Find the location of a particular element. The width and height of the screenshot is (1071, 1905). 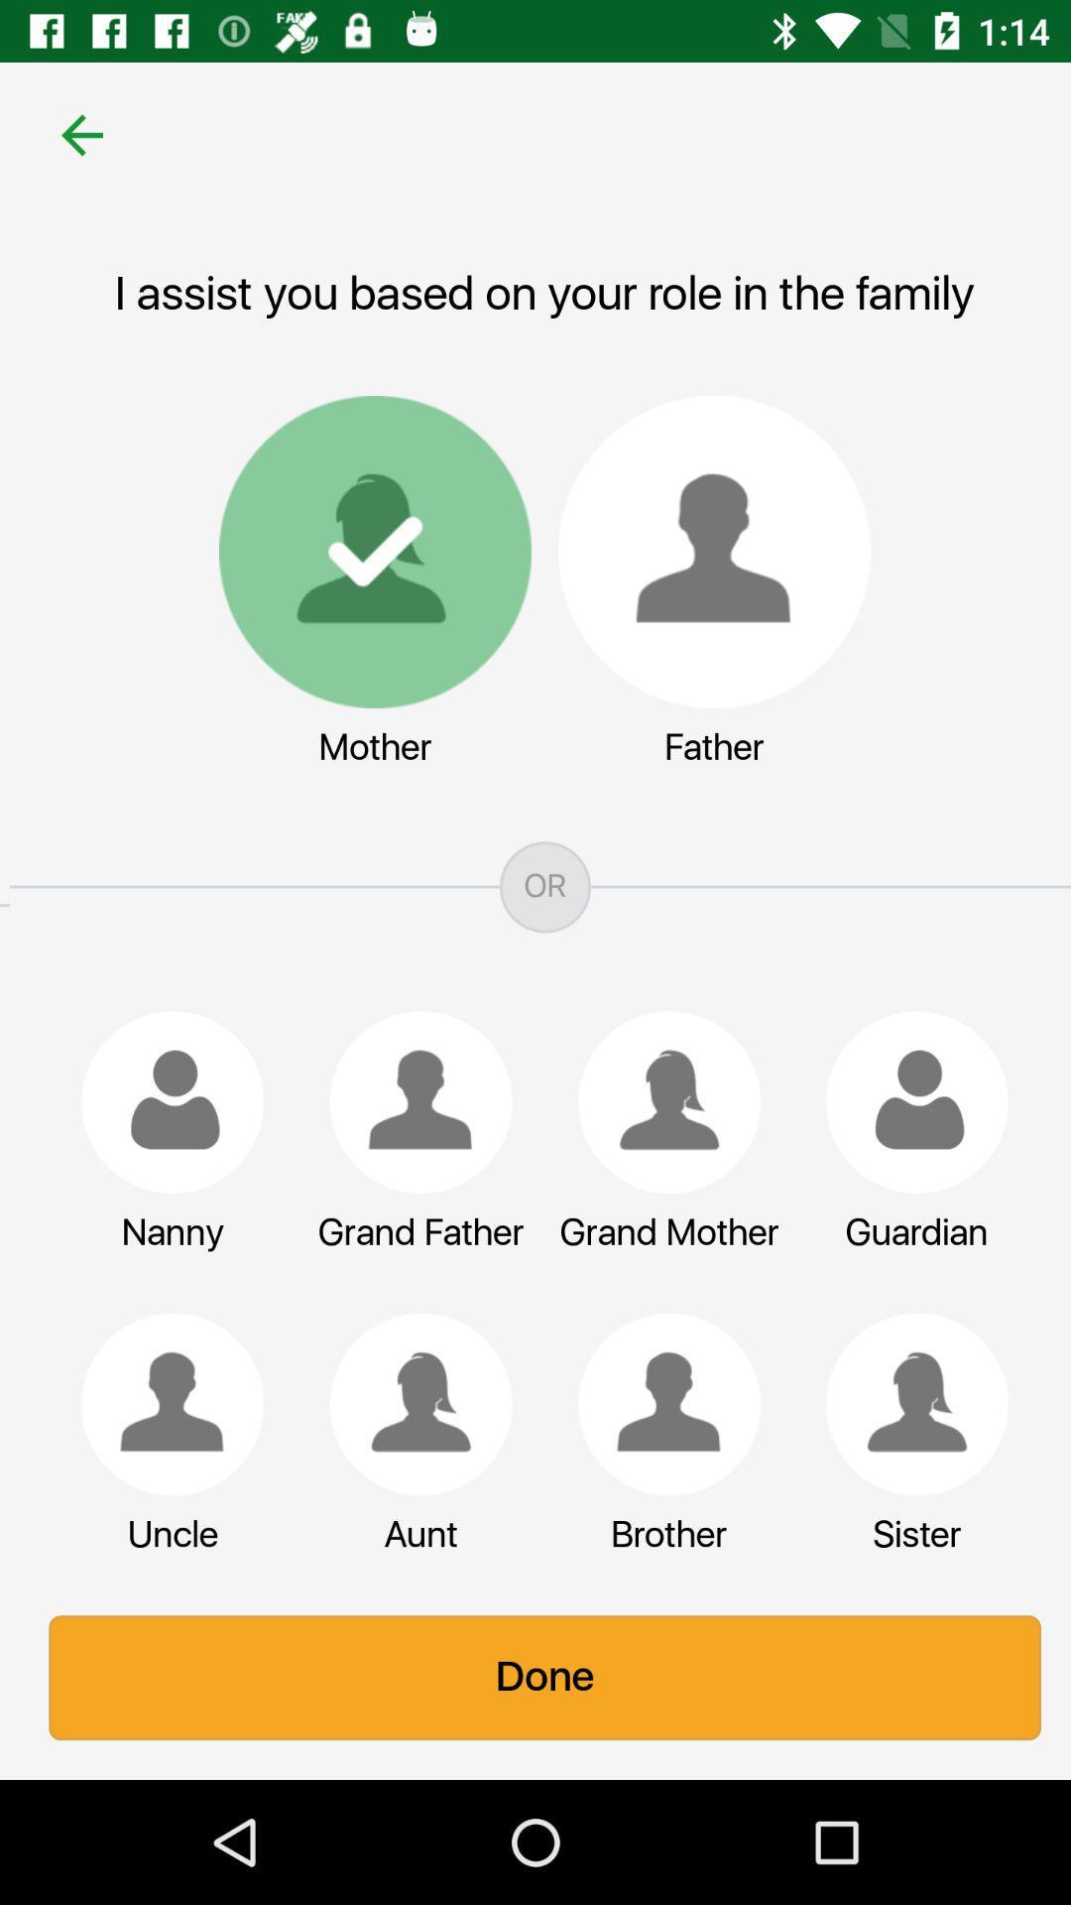

sister is located at coordinates (907, 1403).